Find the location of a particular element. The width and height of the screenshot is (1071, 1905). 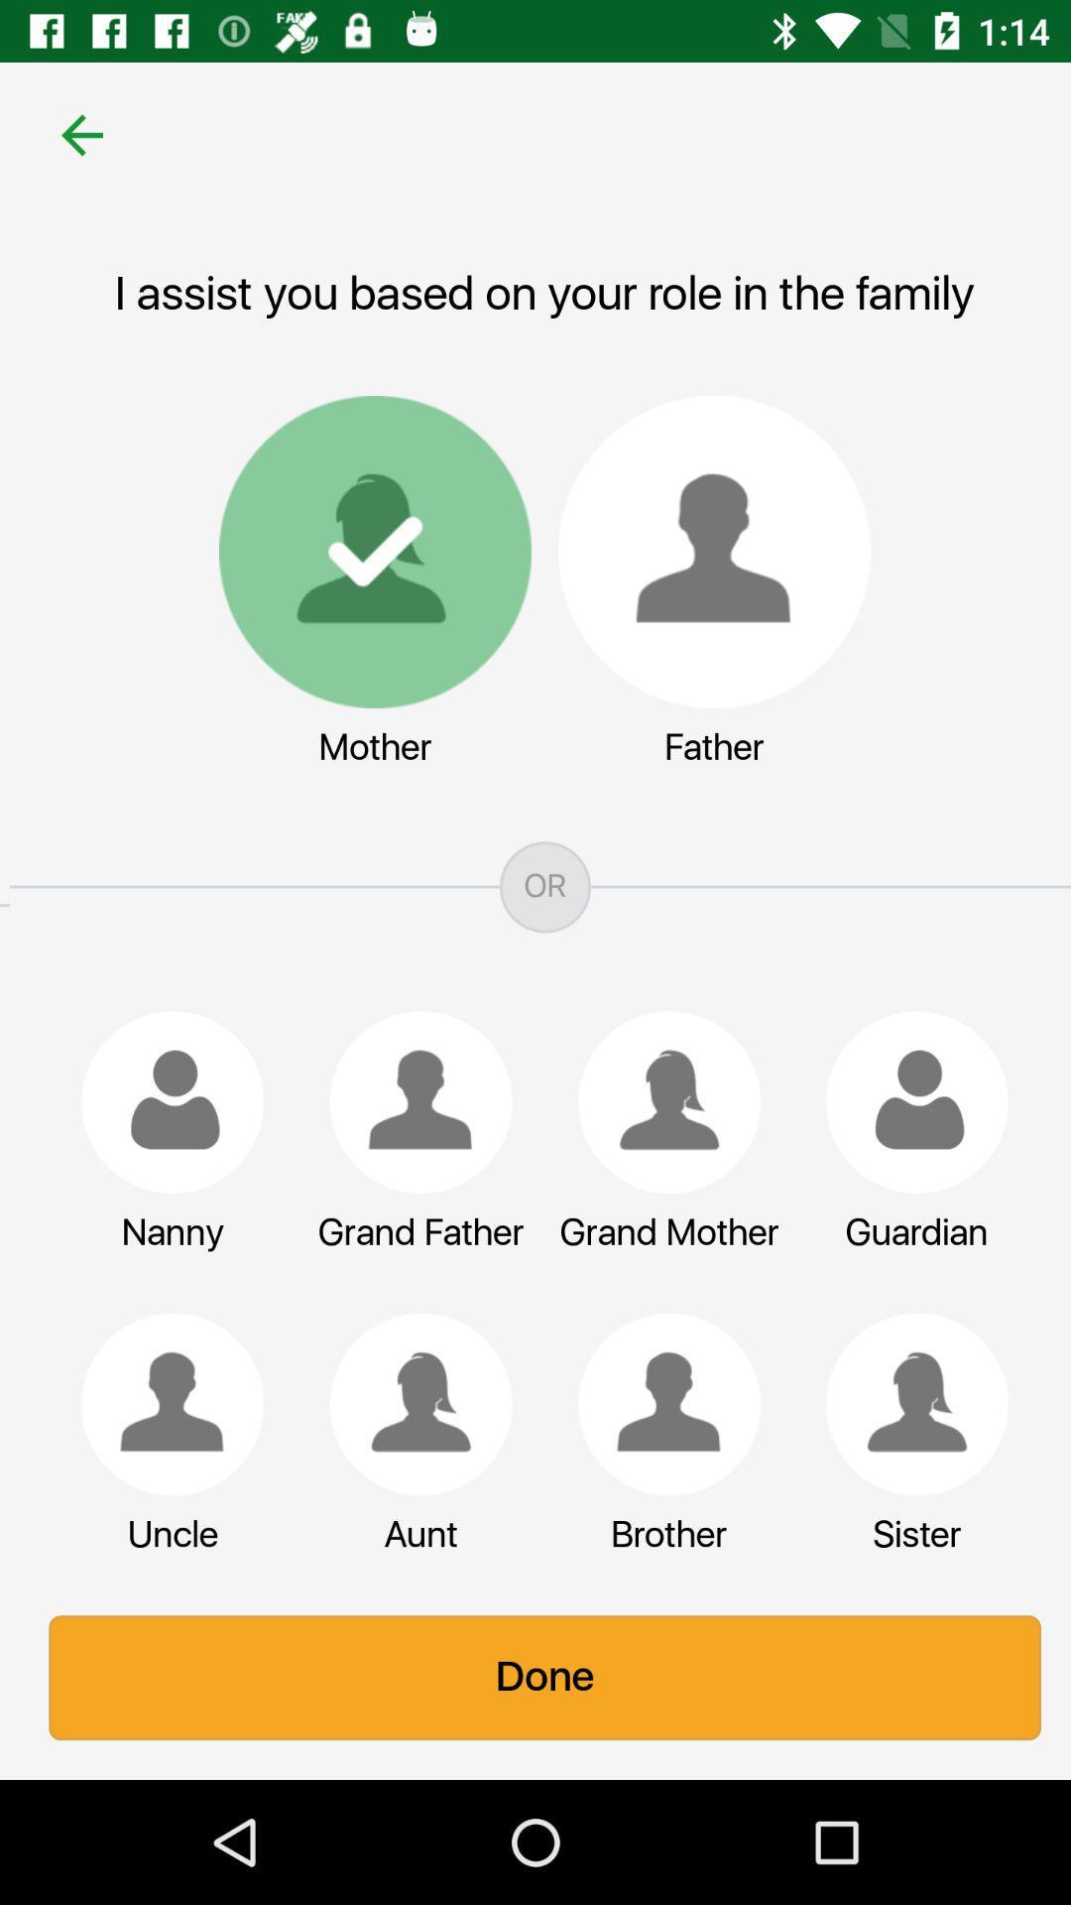

sister is located at coordinates (907, 1403).